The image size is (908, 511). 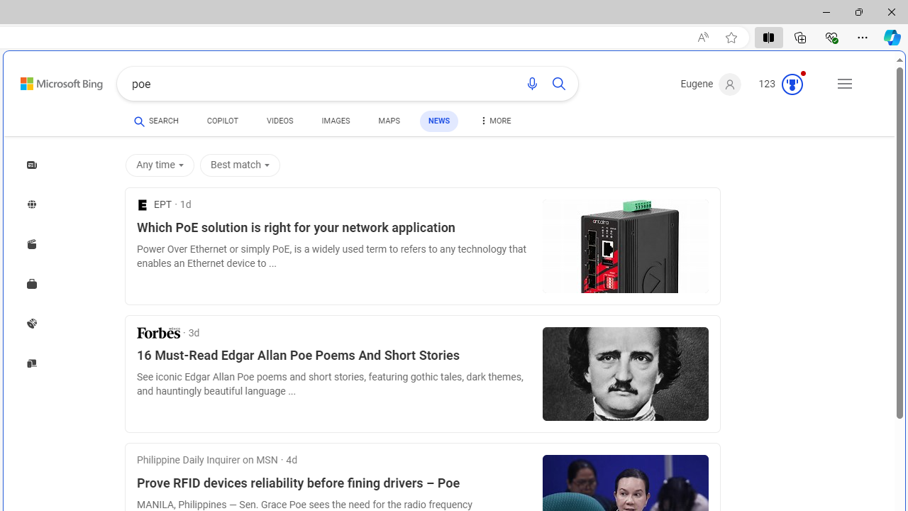 What do you see at coordinates (243, 164) in the screenshot?
I see `'Best match'` at bounding box center [243, 164].